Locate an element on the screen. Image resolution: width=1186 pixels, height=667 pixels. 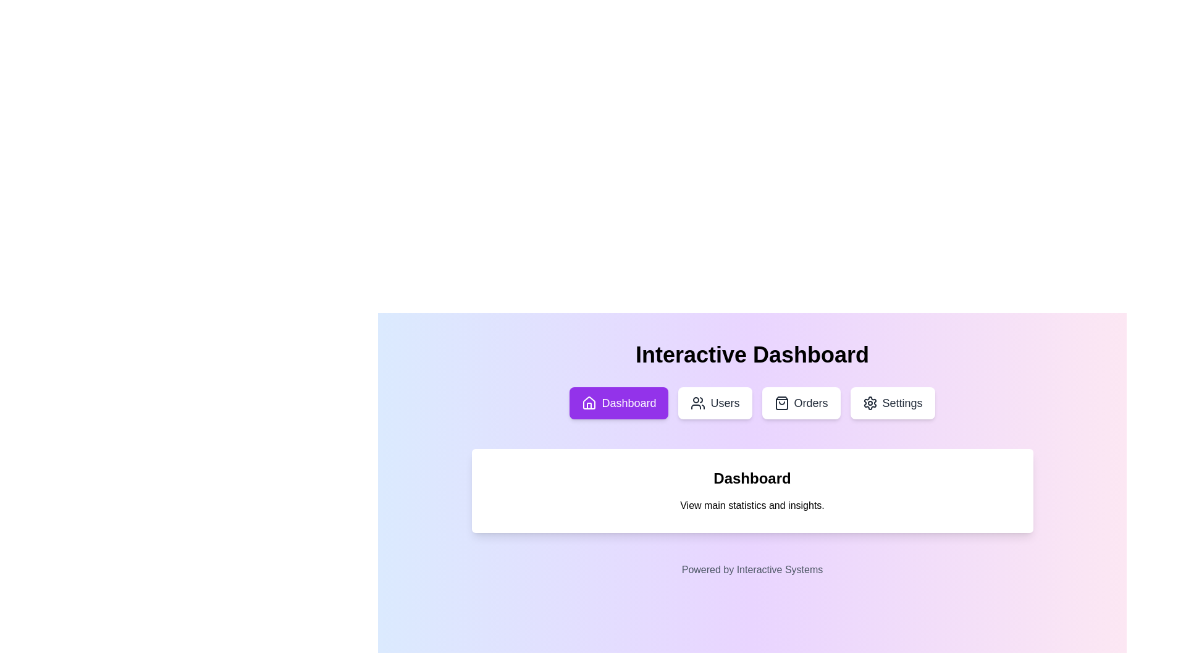
the text label that reads 'Powered by Interactive Systems', styled in gray at the bottom-center of the interface is located at coordinates (752, 569).